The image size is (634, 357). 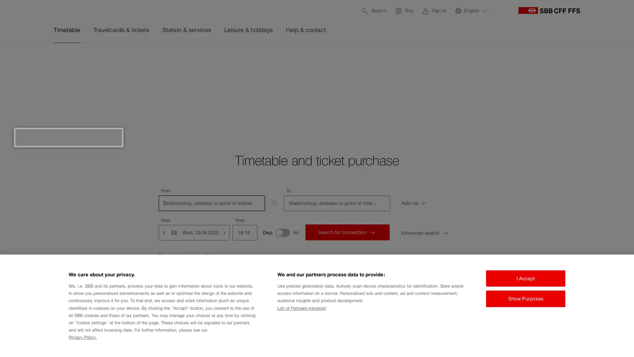 I want to click on Close active menu item Travelcards & tickets., so click(x=588, y=58).